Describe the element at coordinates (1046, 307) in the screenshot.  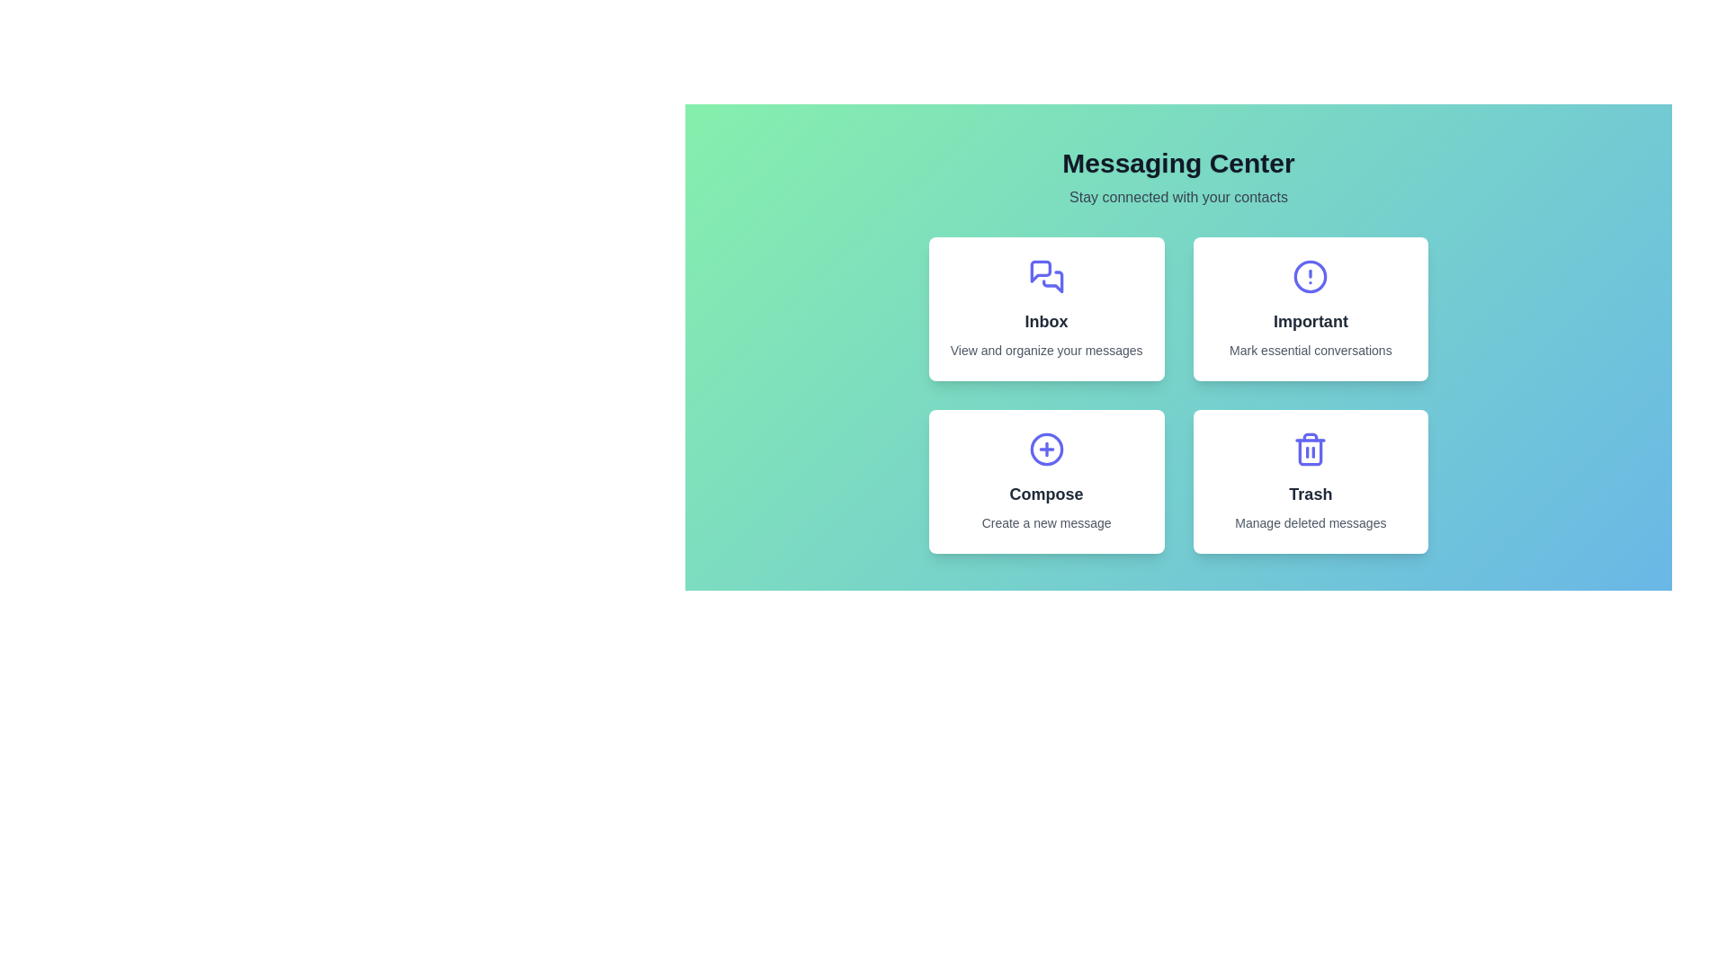
I see `the 'Inbox' button located` at that location.